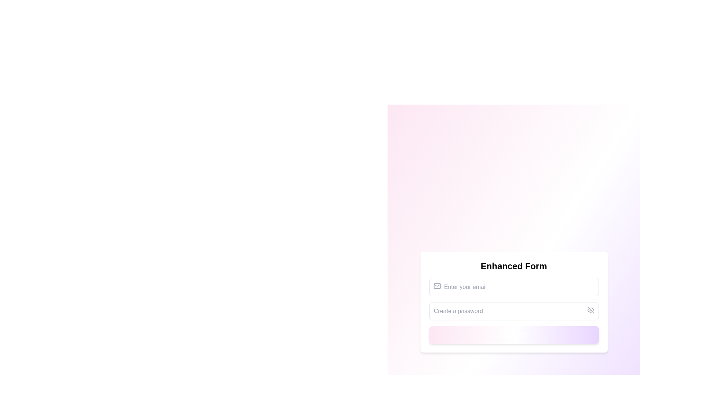 The height and width of the screenshot is (395, 702). I want to click on the appearance of the paper plane icon within the 'Submit' button located at the bottom of the form section, so click(524, 335).